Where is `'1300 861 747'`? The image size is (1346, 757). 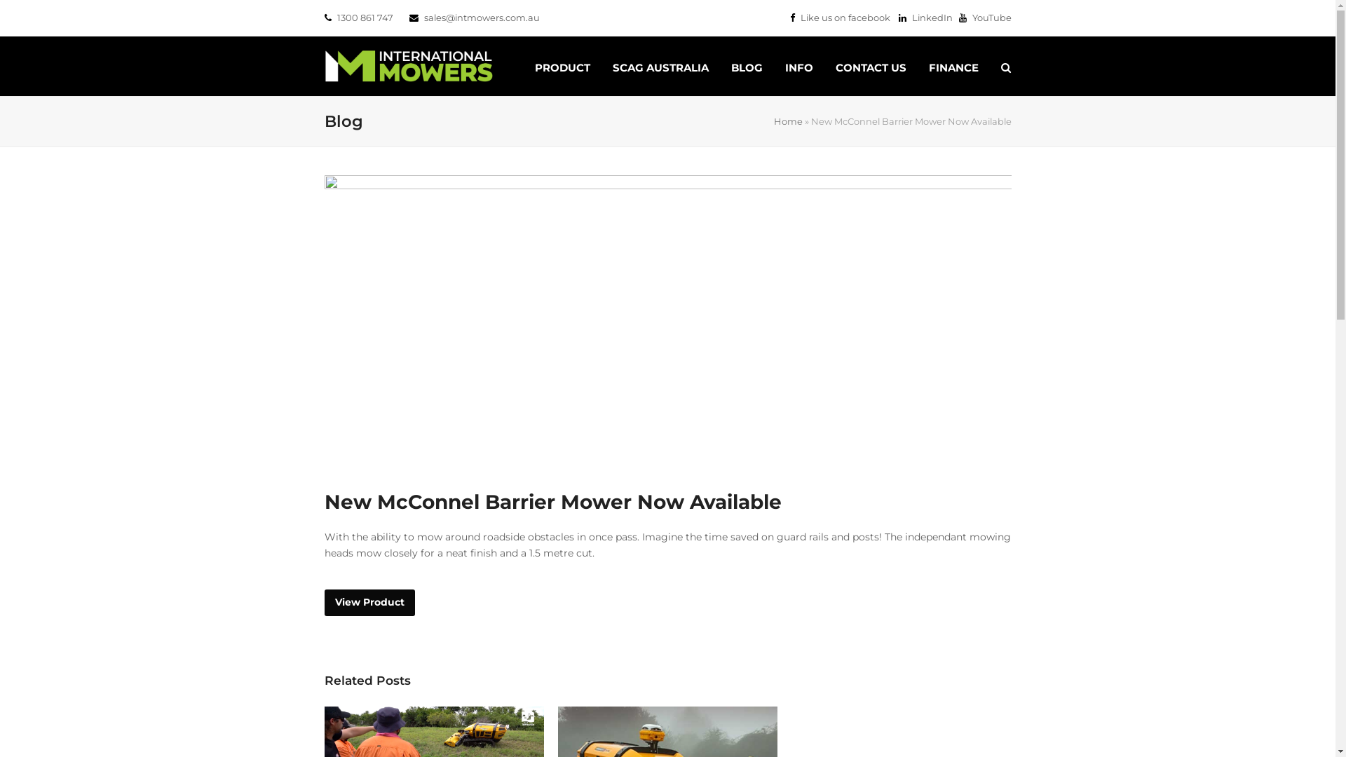 '1300 861 747' is located at coordinates (364, 17).